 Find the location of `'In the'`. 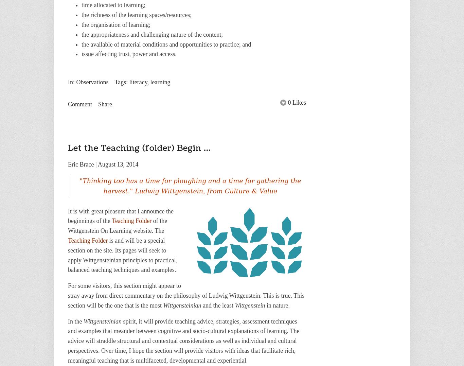

'In the' is located at coordinates (75, 320).